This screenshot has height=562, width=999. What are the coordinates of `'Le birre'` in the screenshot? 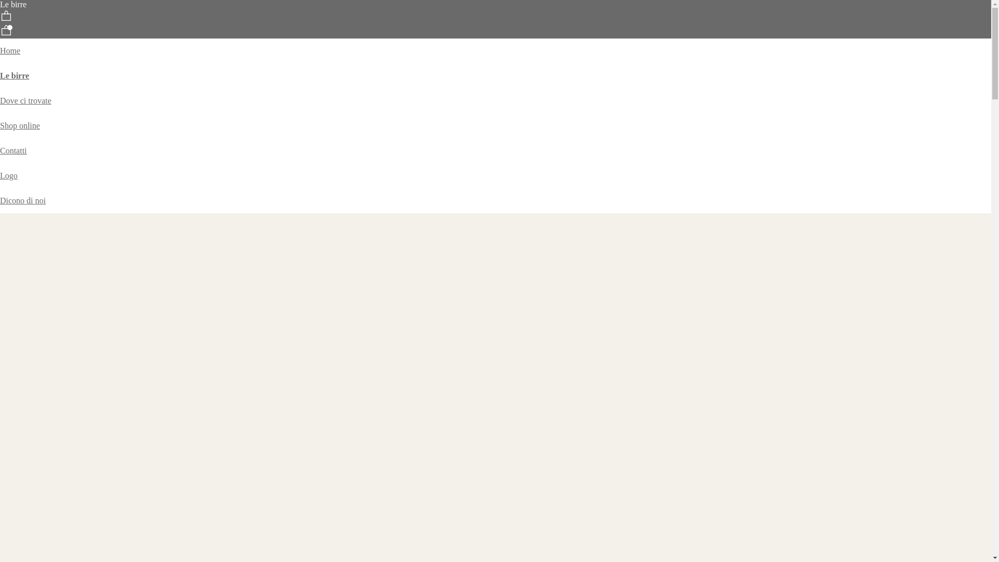 It's located at (15, 75).